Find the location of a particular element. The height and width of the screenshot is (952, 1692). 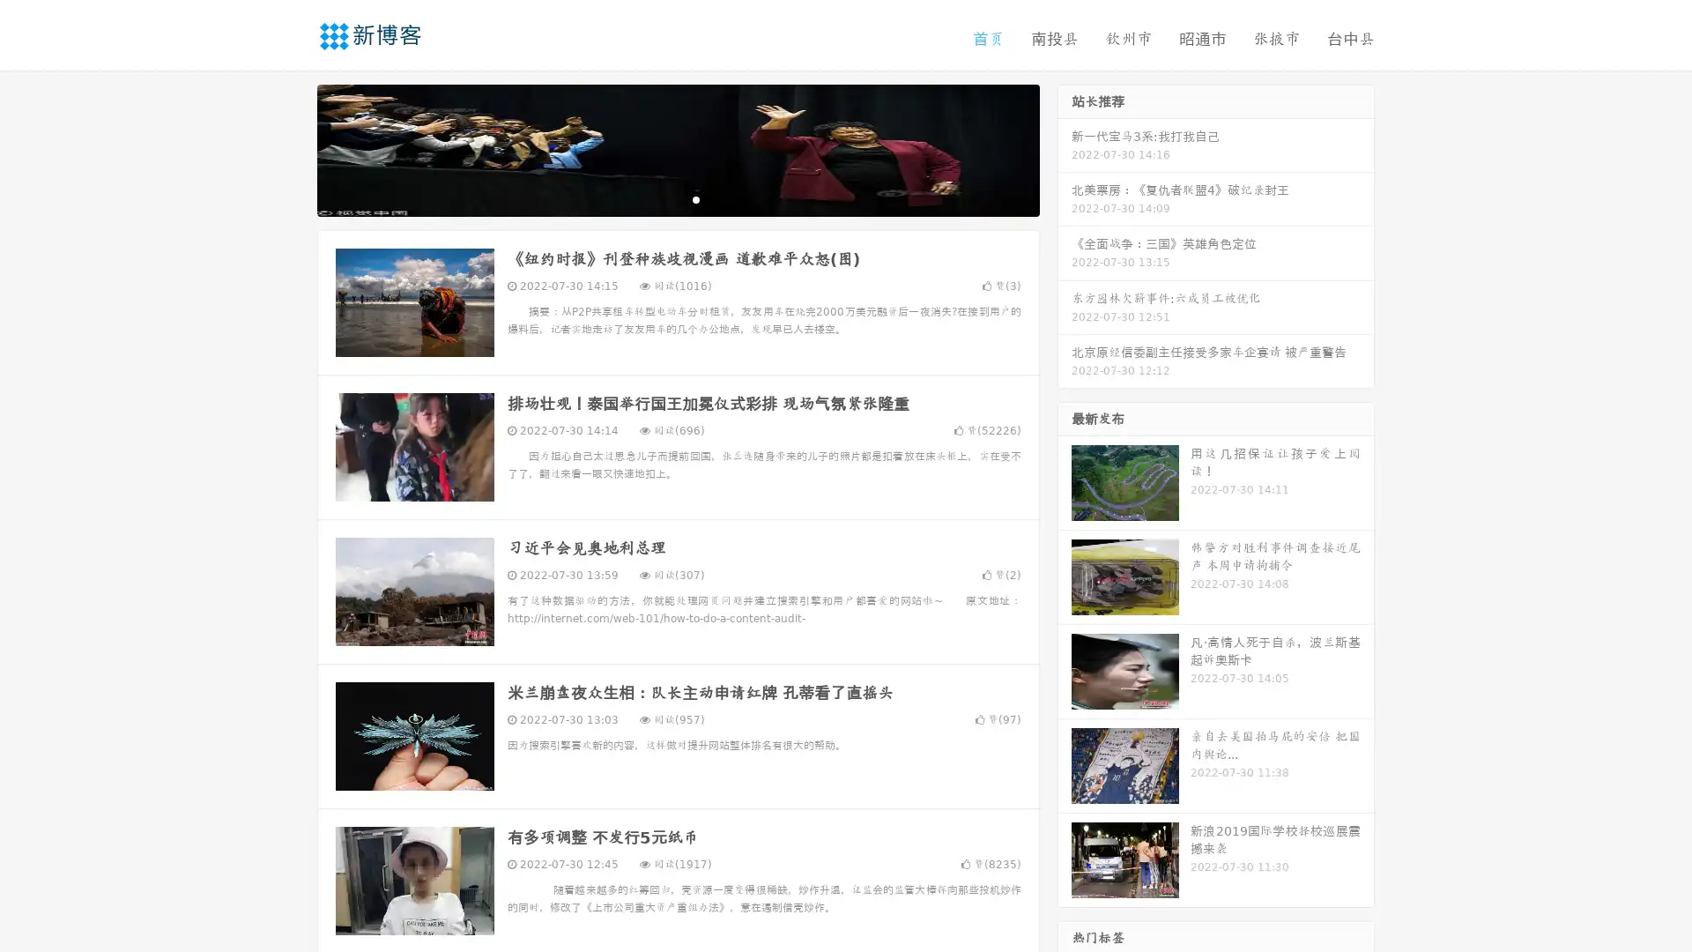

Go to slide 2 is located at coordinates (677, 198).